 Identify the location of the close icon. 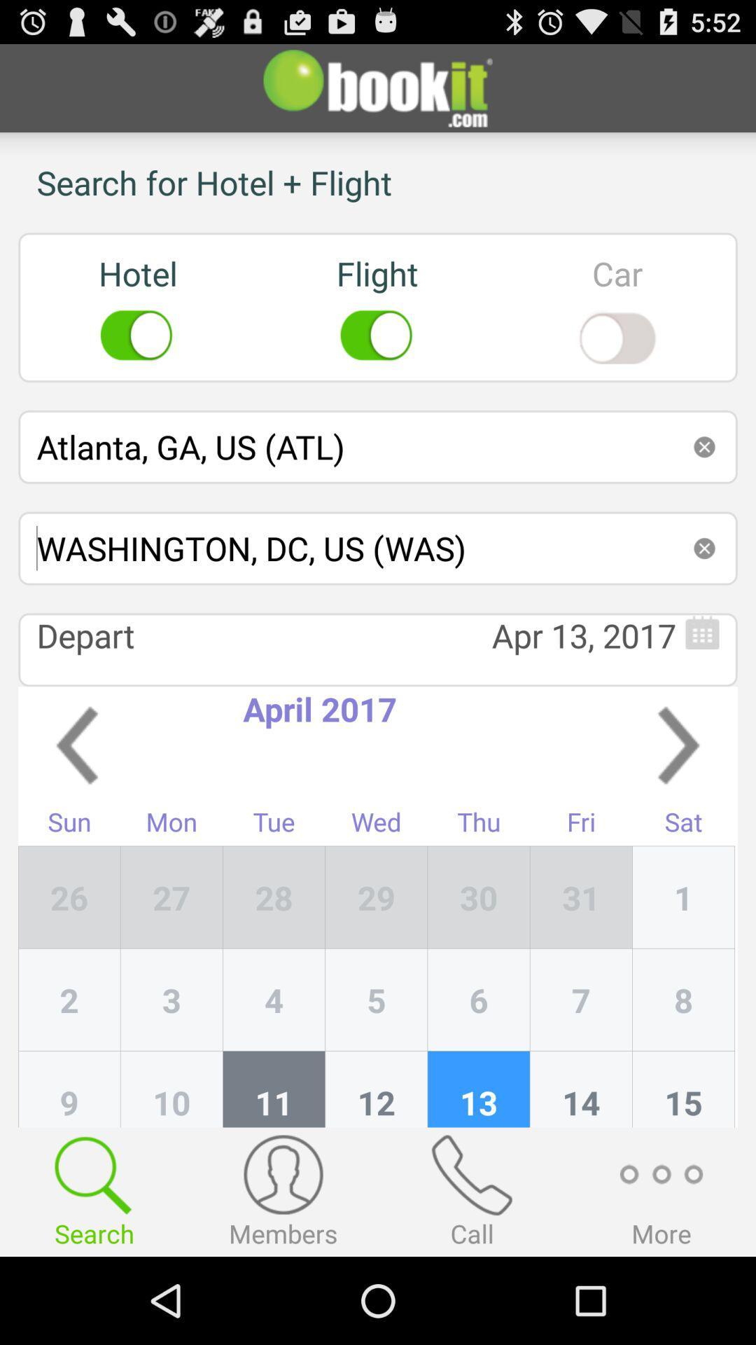
(704, 478).